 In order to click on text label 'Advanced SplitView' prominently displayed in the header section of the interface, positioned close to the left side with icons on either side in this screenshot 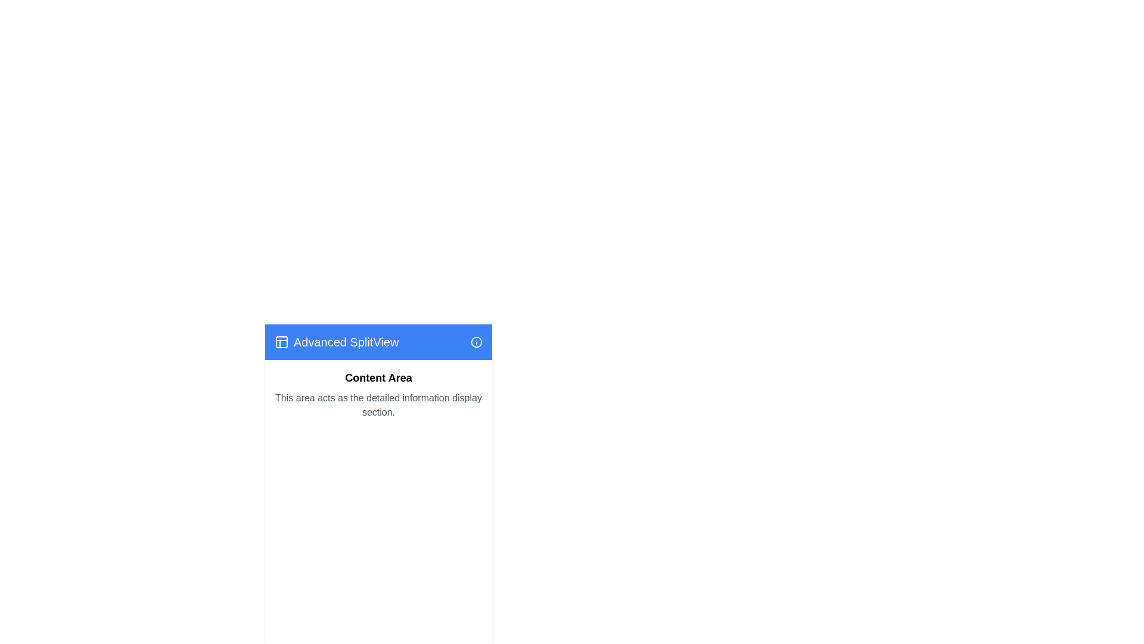, I will do `click(336, 342)`.